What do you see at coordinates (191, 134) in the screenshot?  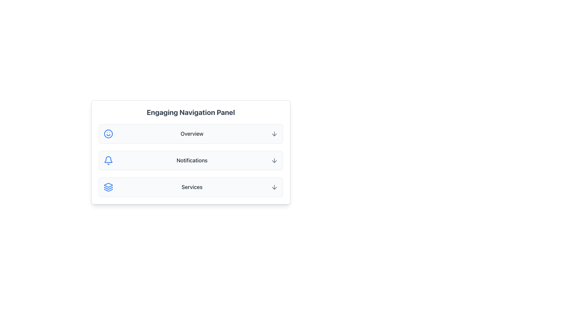 I see `the 'Overview' button featuring a blue smiley face icon on the left and a downward-facing arrow icon on the right for additional information` at bounding box center [191, 134].